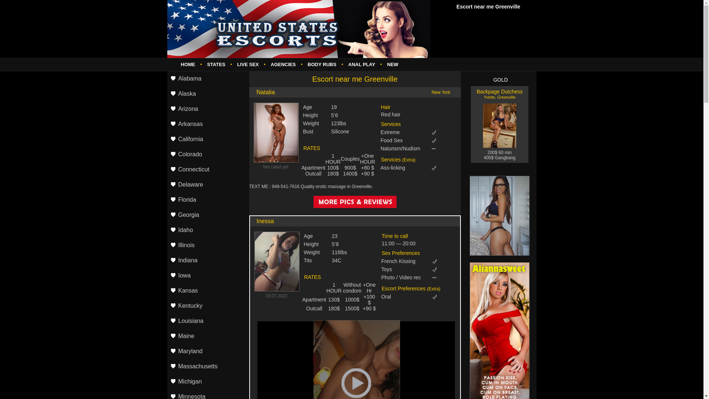  Describe the element at coordinates (283, 64) in the screenshot. I see `'AGENCIES'` at that location.